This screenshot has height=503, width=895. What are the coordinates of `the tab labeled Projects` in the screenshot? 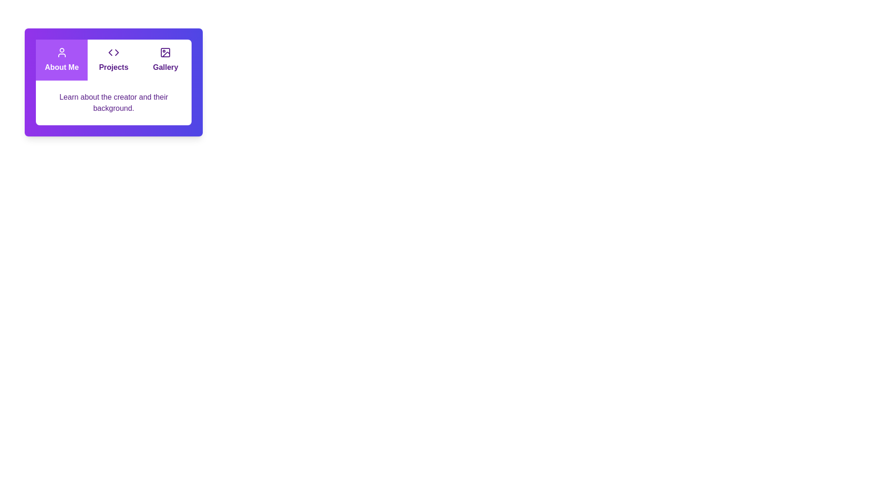 It's located at (113, 60).